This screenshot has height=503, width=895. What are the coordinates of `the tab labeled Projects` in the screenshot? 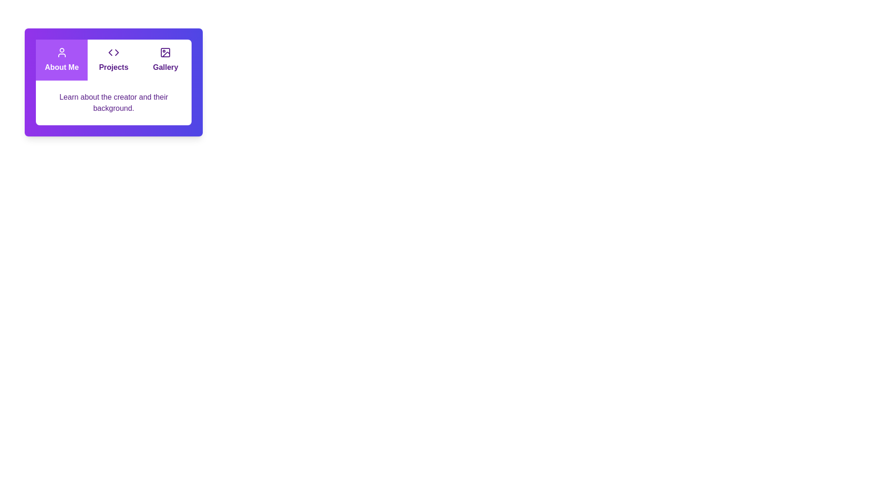 It's located at (113, 60).